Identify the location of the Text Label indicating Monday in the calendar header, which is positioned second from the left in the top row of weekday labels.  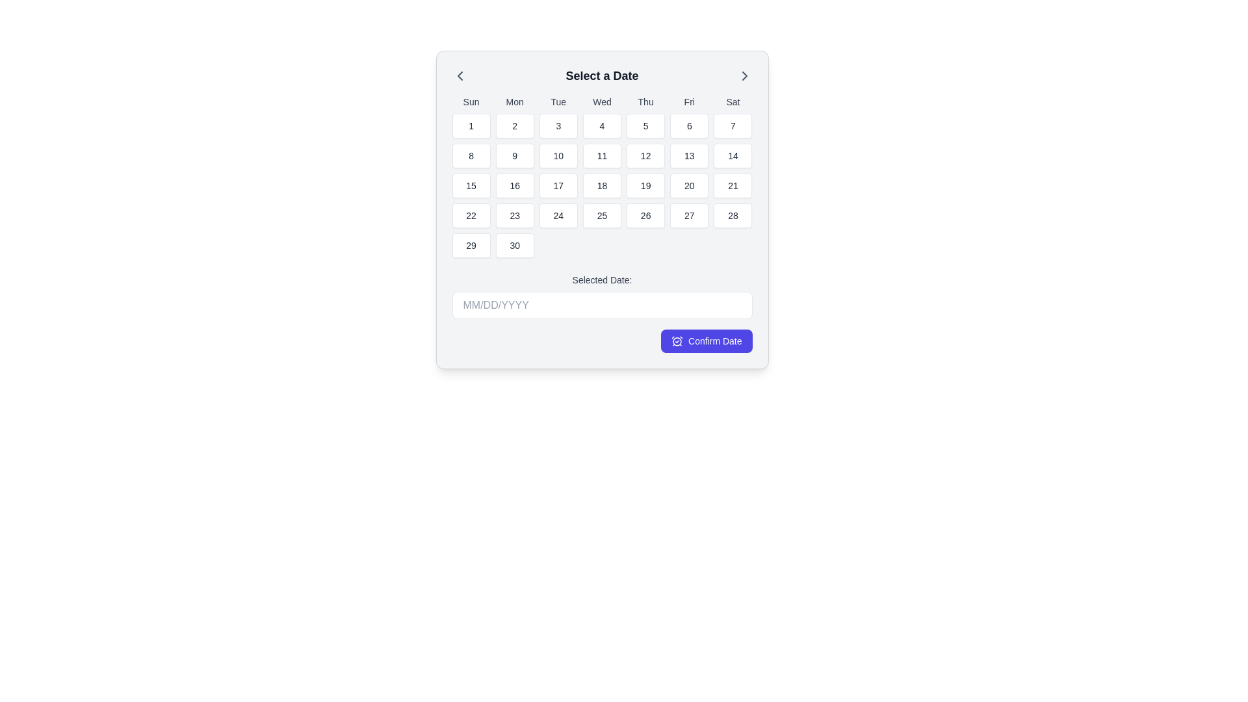
(514, 101).